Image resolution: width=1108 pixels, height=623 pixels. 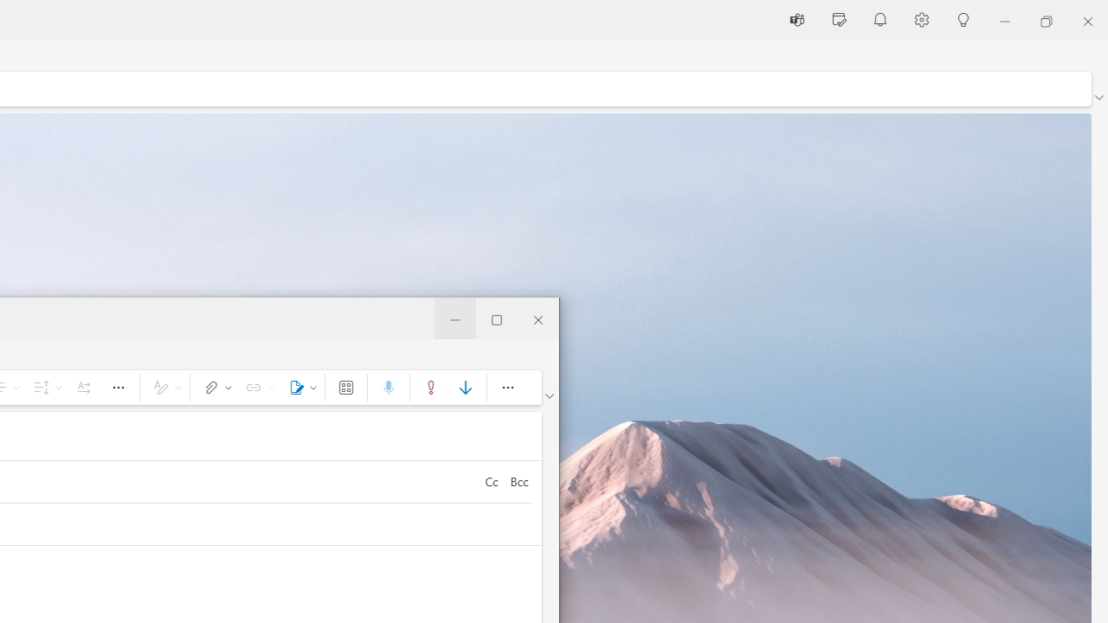 What do you see at coordinates (490, 481) in the screenshot?
I see `'Cc'` at bounding box center [490, 481].